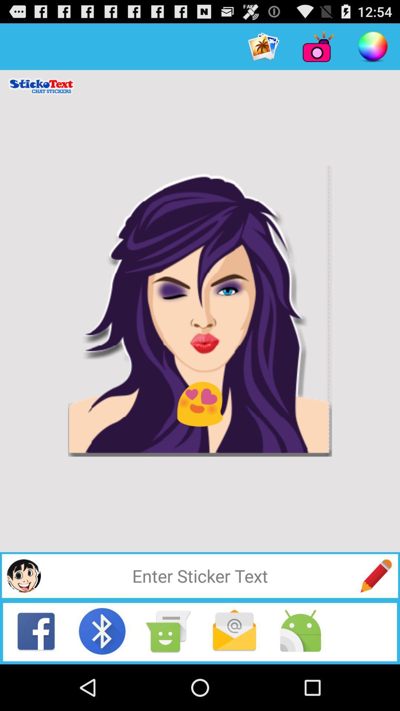 The width and height of the screenshot is (400, 711). Describe the element at coordinates (300, 631) in the screenshot. I see `this icon indicates the harmful files to avoid crashing` at that location.